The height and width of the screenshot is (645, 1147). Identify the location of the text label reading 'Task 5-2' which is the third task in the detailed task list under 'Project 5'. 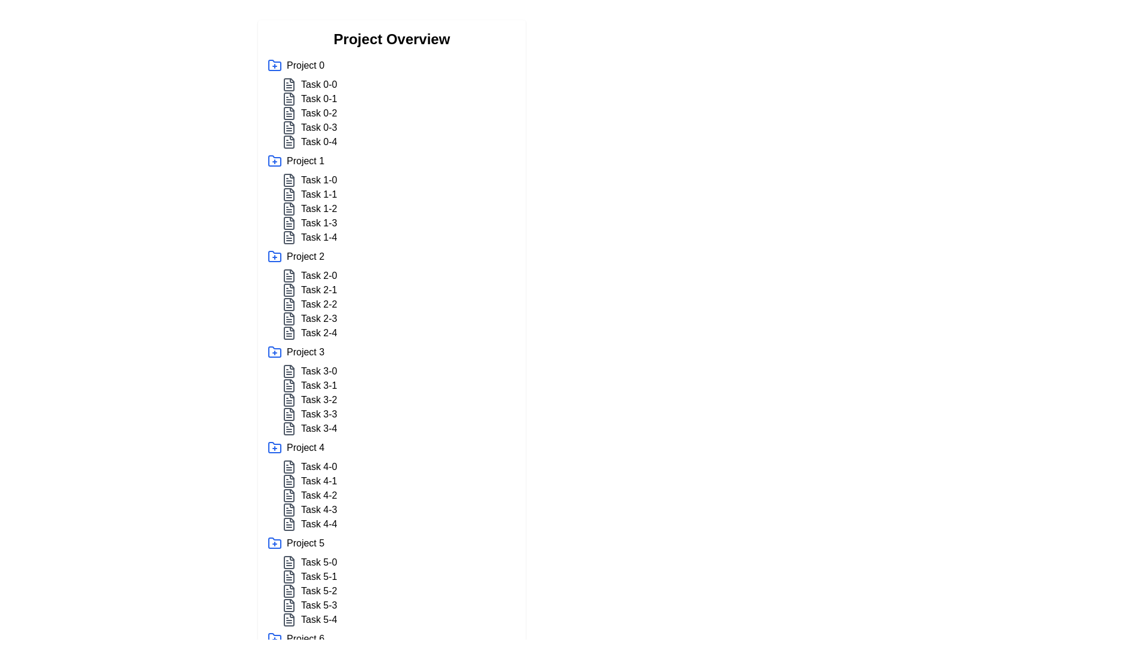
(319, 591).